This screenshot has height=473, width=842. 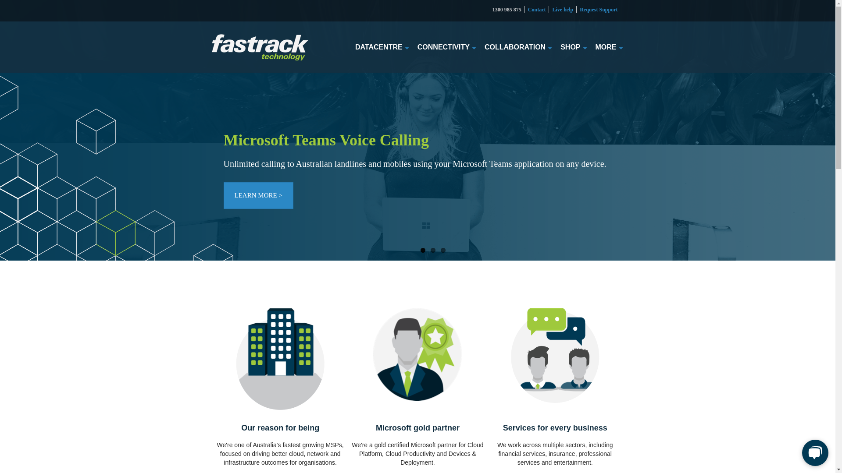 What do you see at coordinates (442, 250) in the screenshot?
I see `'3'` at bounding box center [442, 250].